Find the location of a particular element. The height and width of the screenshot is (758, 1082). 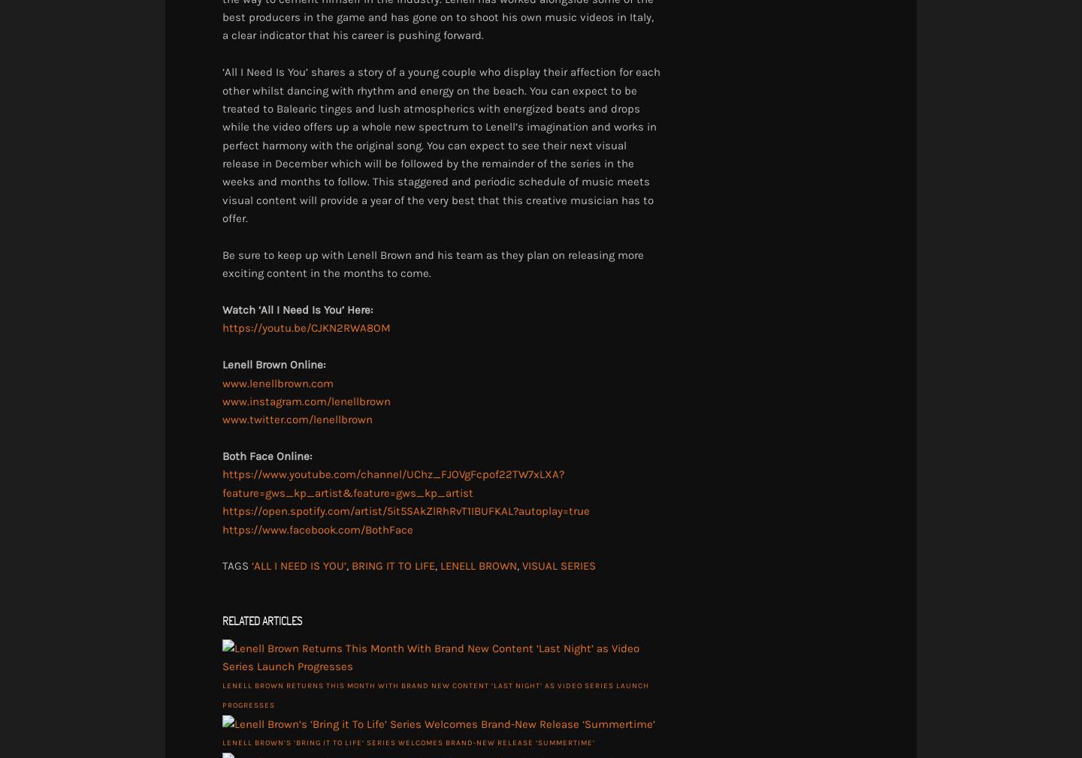

'TAGS' is located at coordinates (222, 564).